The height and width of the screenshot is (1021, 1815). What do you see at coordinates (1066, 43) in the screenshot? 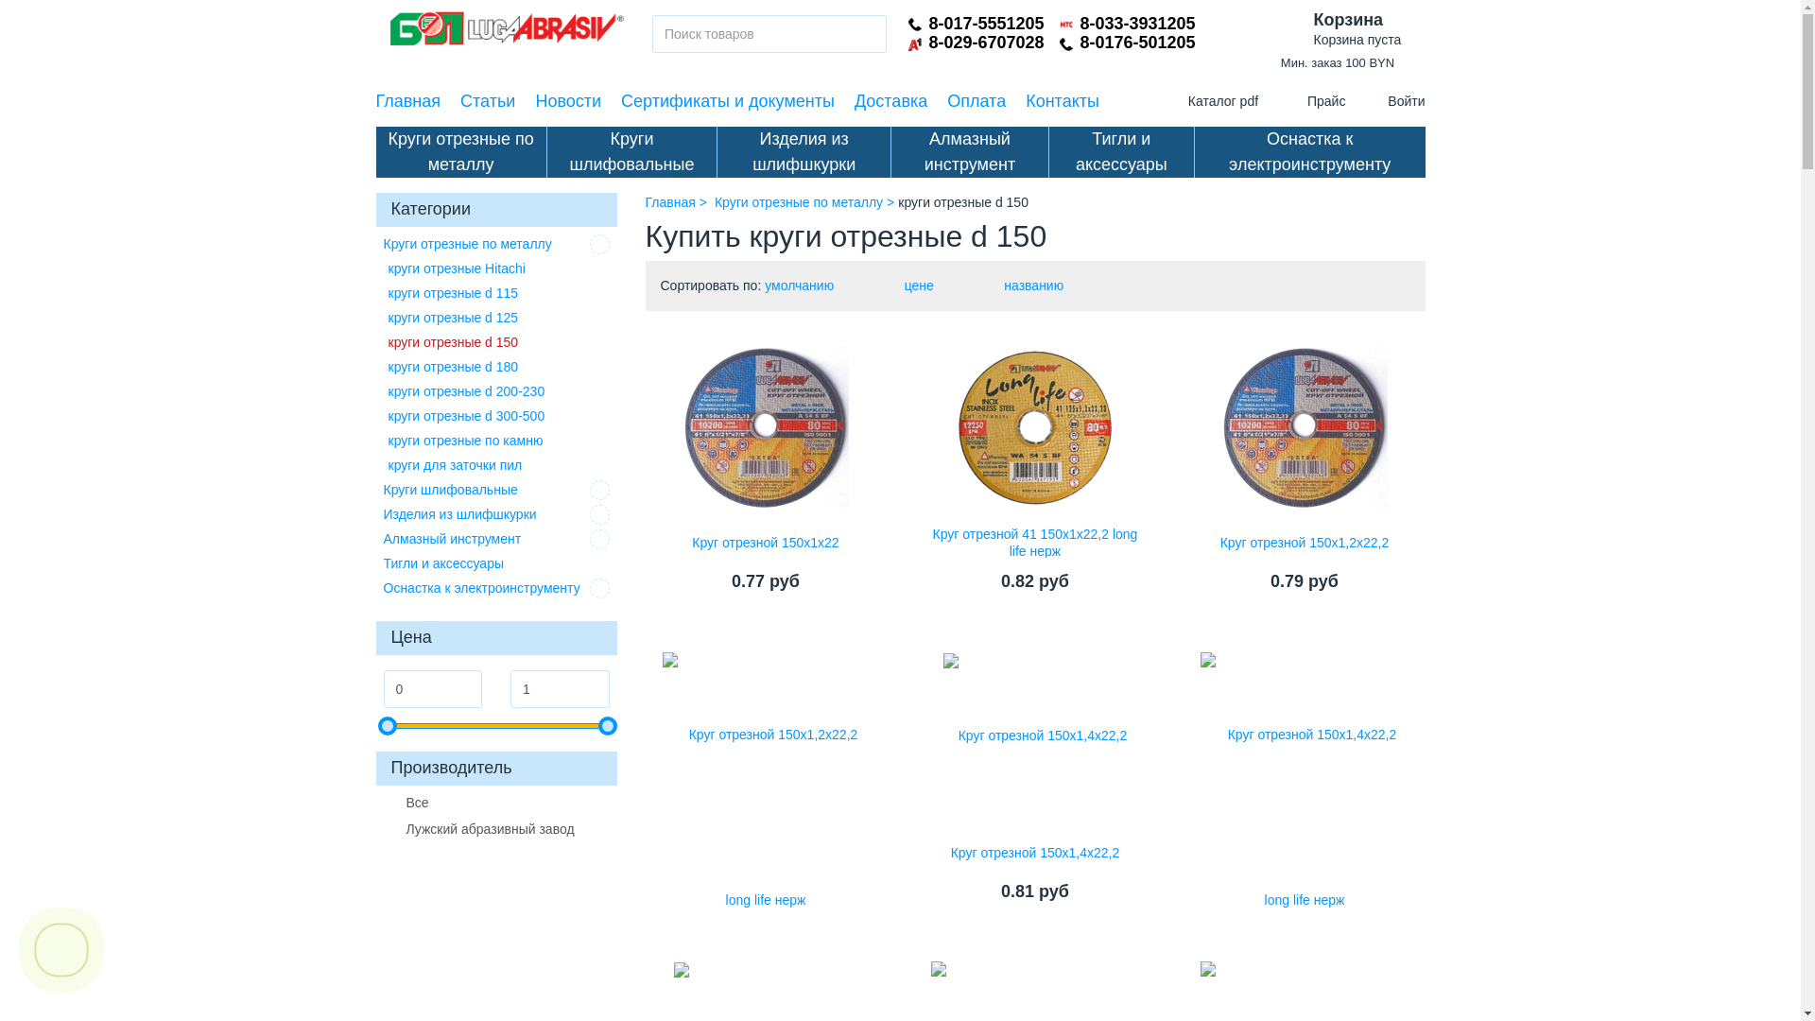
I see `'Telephone'` at bounding box center [1066, 43].